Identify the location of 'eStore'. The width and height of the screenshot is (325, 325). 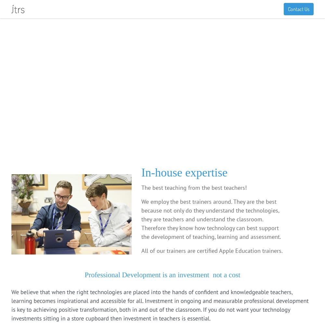
(173, 9).